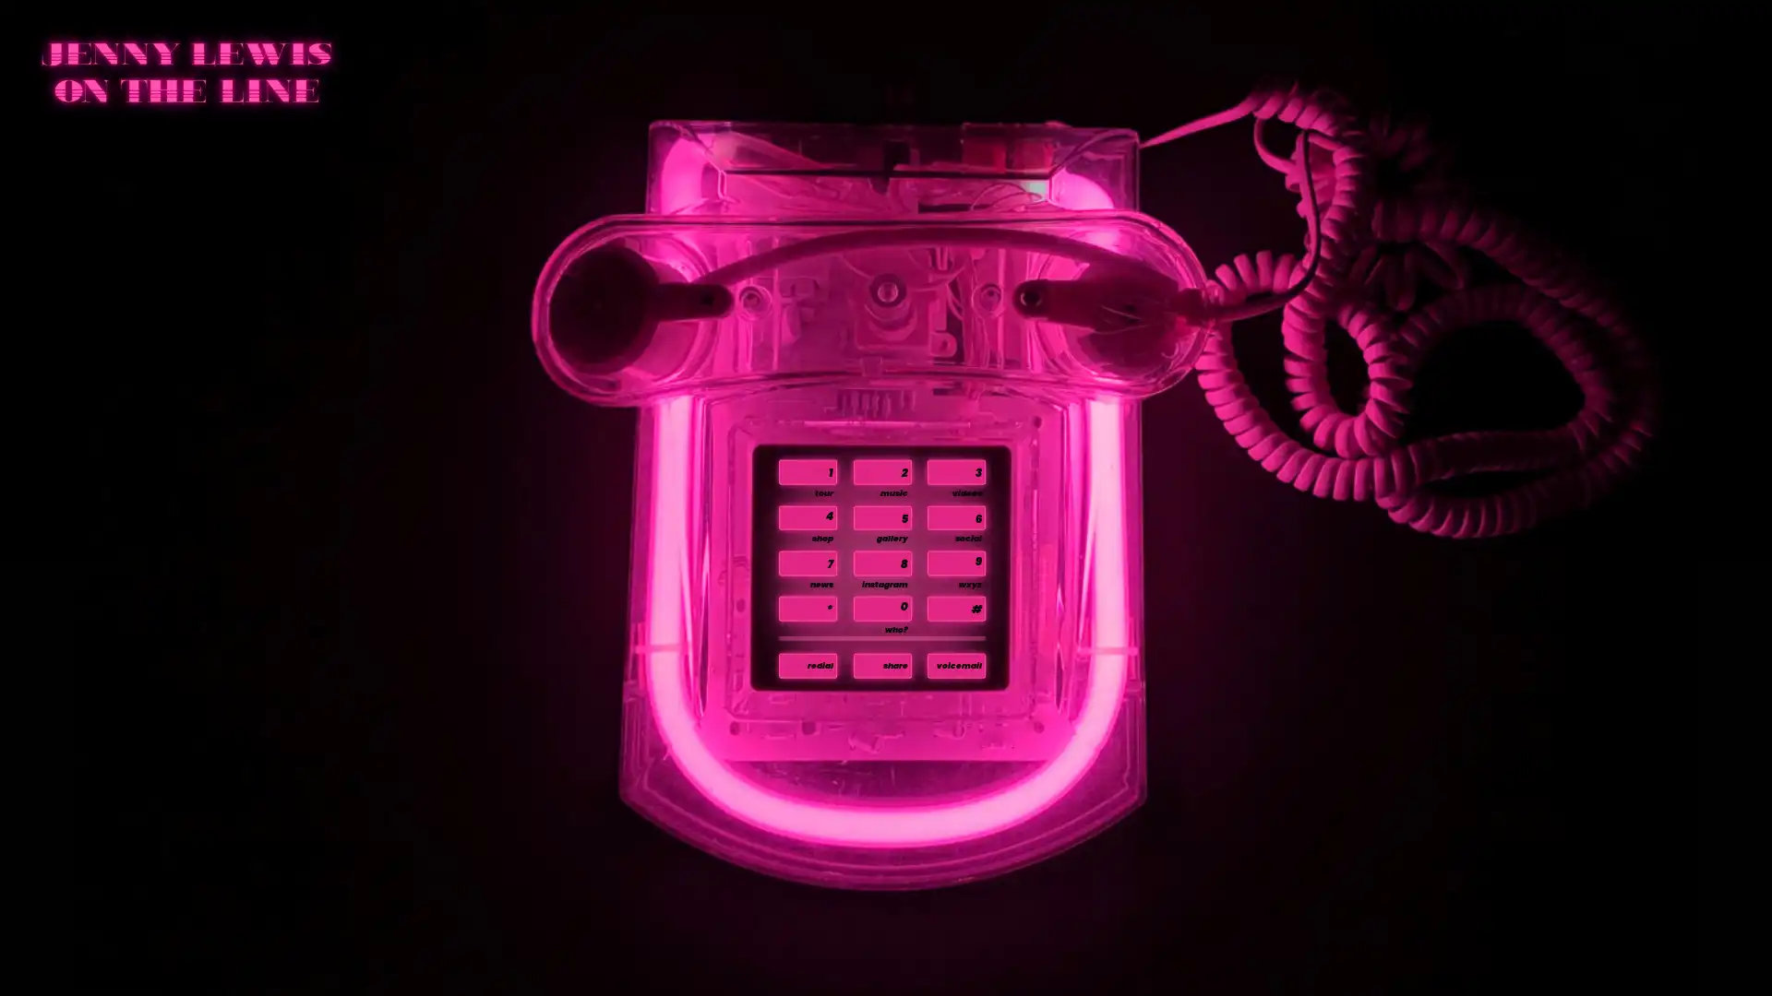  What do you see at coordinates (880, 517) in the screenshot?
I see `5 gallery` at bounding box center [880, 517].